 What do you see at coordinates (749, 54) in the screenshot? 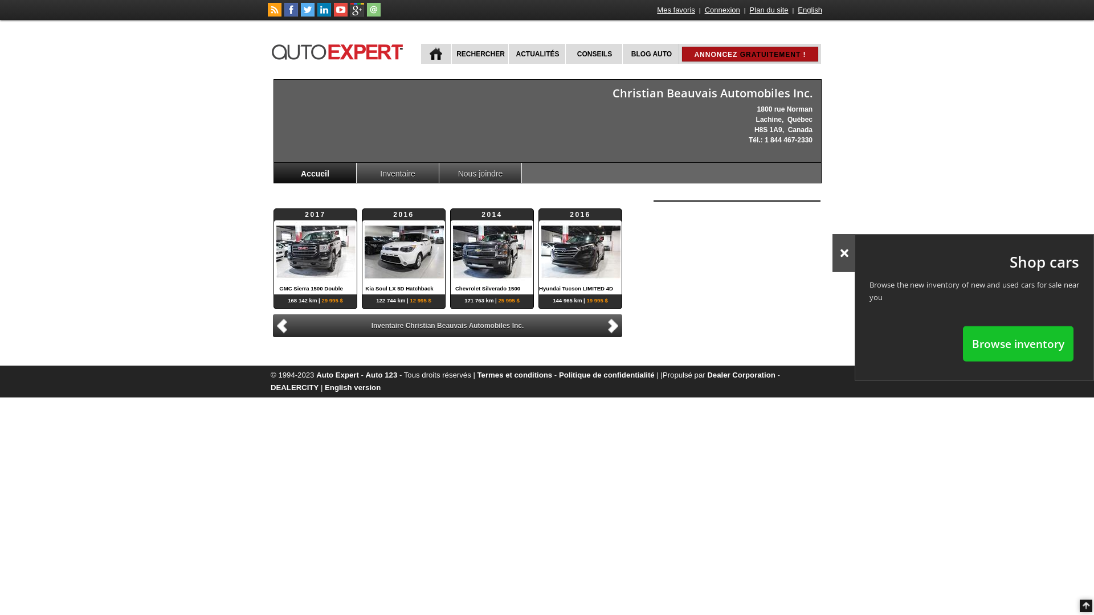
I see `'ANNONCEZ GRATUITEMENT !'` at bounding box center [749, 54].